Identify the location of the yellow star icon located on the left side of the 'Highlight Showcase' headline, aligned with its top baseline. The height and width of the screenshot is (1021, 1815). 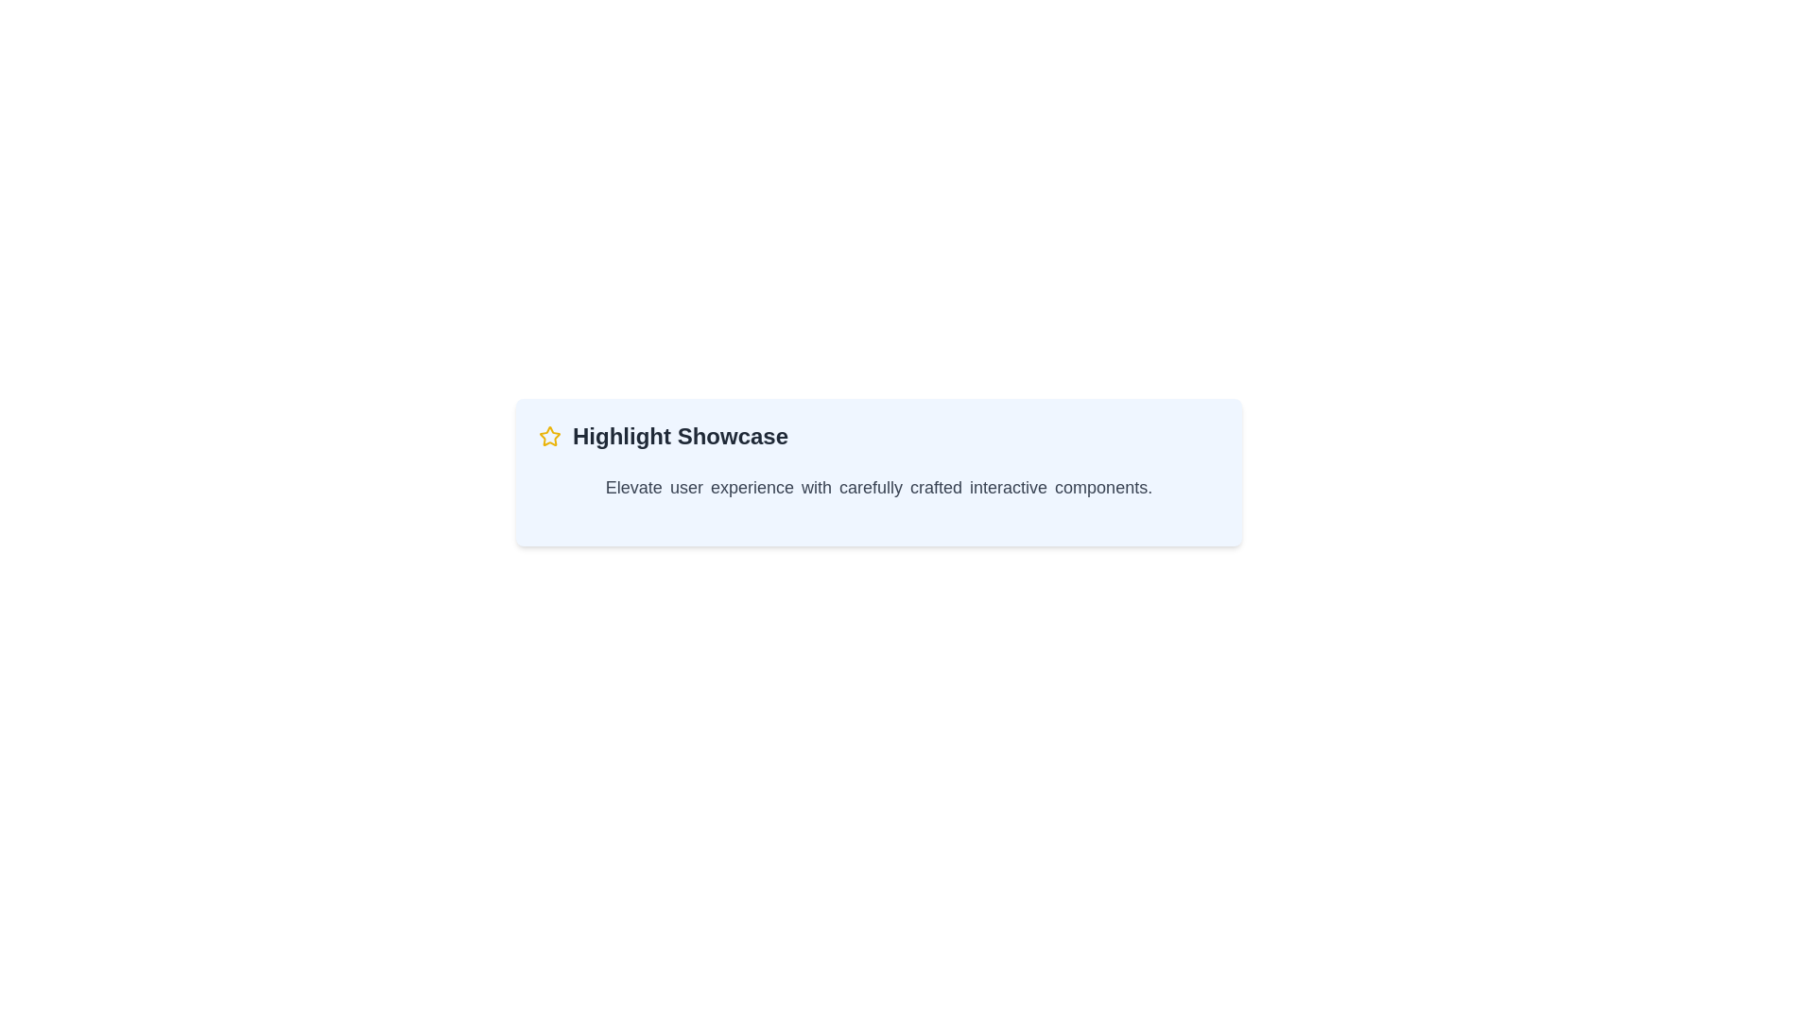
(548, 436).